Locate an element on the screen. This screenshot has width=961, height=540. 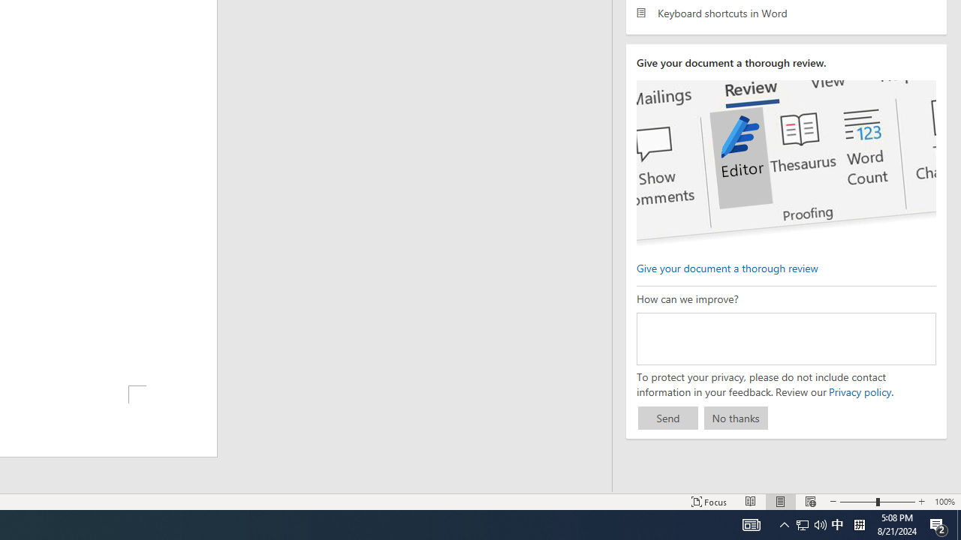
'No thanks' is located at coordinates (736, 418).